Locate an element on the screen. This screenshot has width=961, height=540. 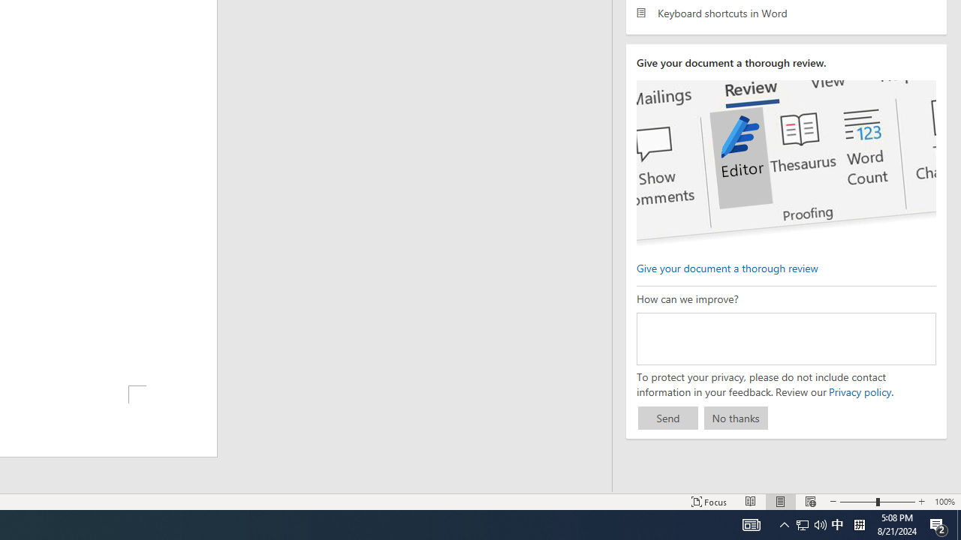
'No thanks' is located at coordinates (736, 418).